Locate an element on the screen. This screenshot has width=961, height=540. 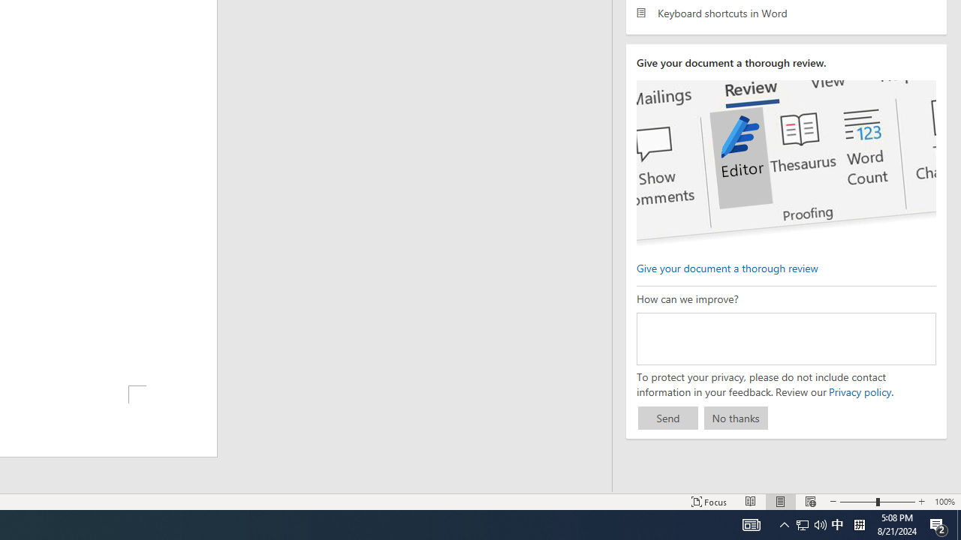
'No thanks' is located at coordinates (736, 418).